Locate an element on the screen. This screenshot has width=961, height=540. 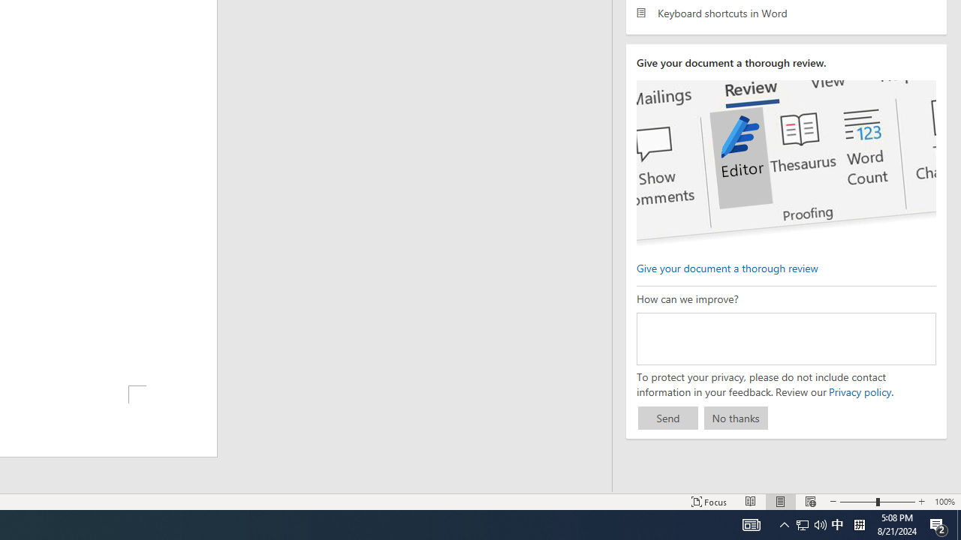
'No thanks' is located at coordinates (736, 418).